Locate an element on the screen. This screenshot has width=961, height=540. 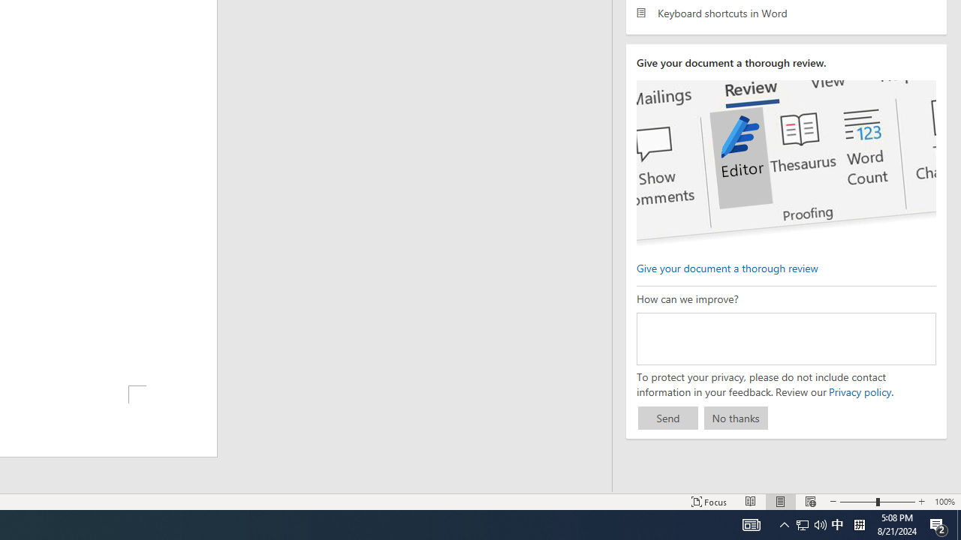
'No thanks' is located at coordinates (736, 418).